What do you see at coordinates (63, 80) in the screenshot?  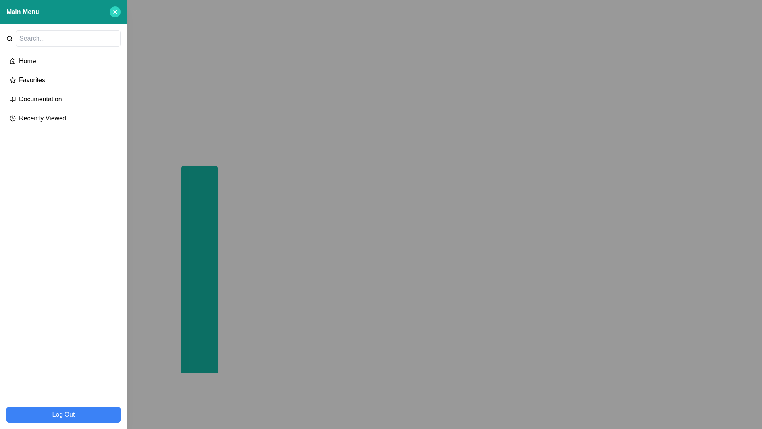 I see `the 'Favorites' menu item, which is the second option in the main menu` at bounding box center [63, 80].